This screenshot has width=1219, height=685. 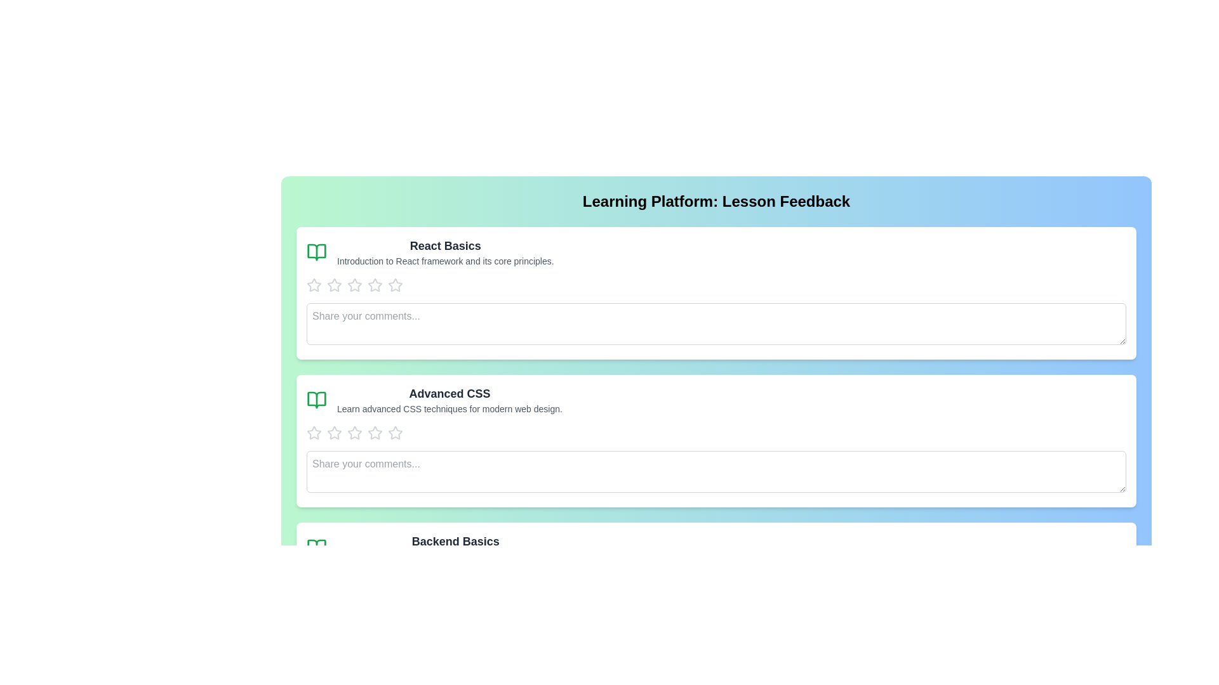 What do you see at coordinates (314, 432) in the screenshot?
I see `the leftmost star icon in the rating star component below the 'Advanced CSS' course feedback heading` at bounding box center [314, 432].